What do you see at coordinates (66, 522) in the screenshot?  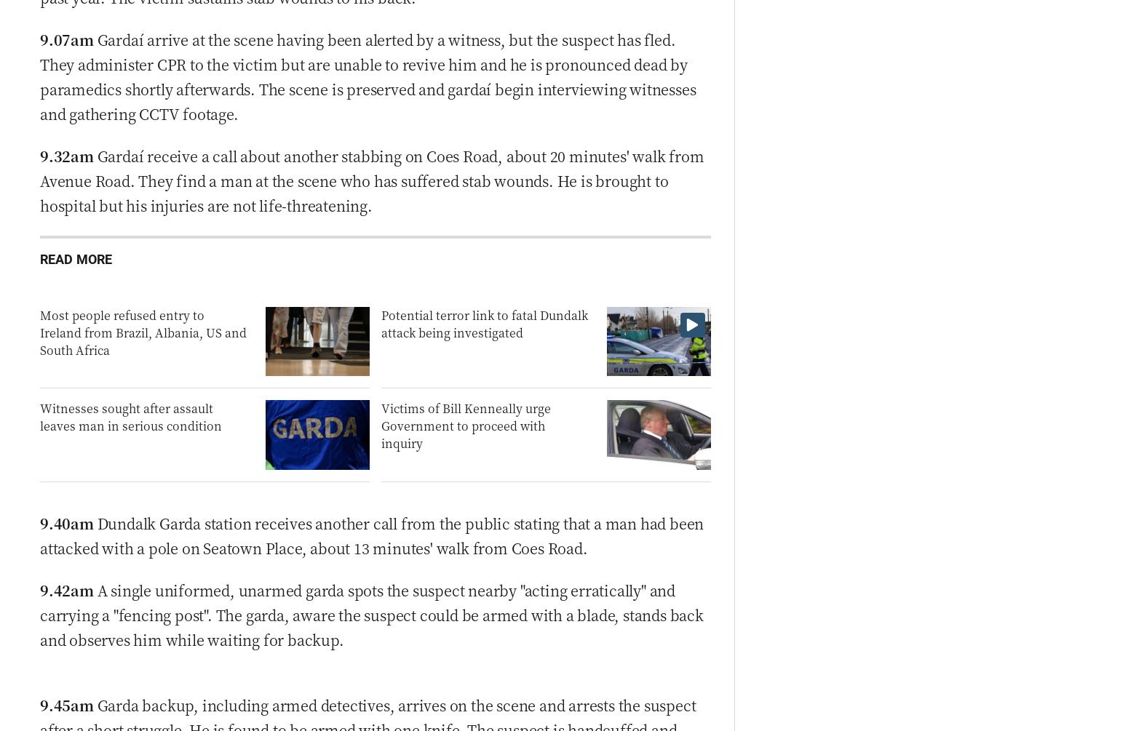 I see `'9.40am'` at bounding box center [66, 522].